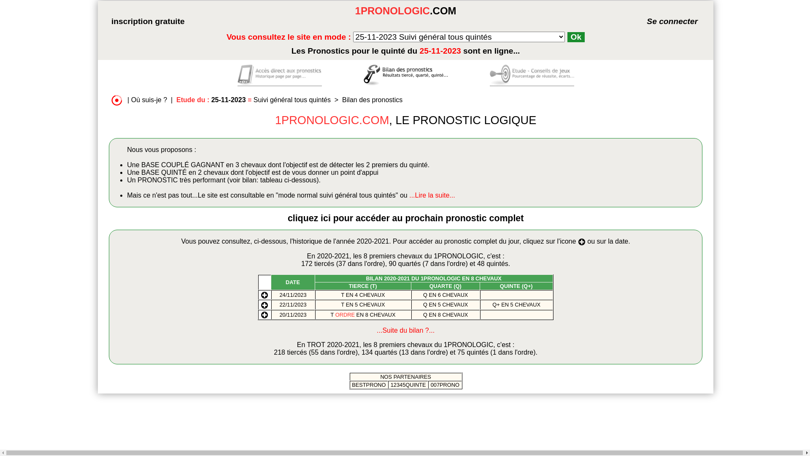 The height and width of the screenshot is (456, 810). Describe the element at coordinates (408, 385) in the screenshot. I see `' 12345QUINTE '` at that location.